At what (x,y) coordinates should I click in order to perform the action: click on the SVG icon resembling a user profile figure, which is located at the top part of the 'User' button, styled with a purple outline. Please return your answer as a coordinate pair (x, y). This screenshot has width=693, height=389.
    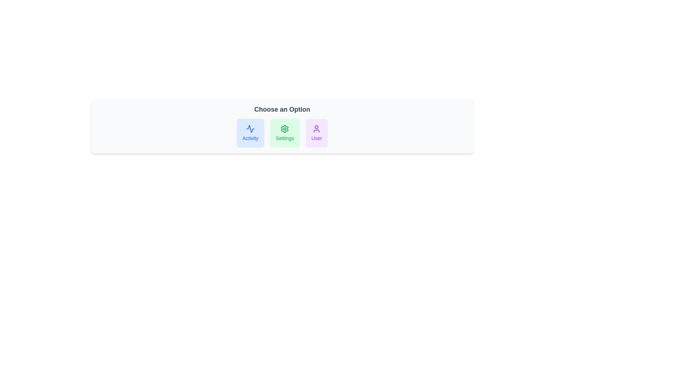
    Looking at the image, I should click on (317, 129).